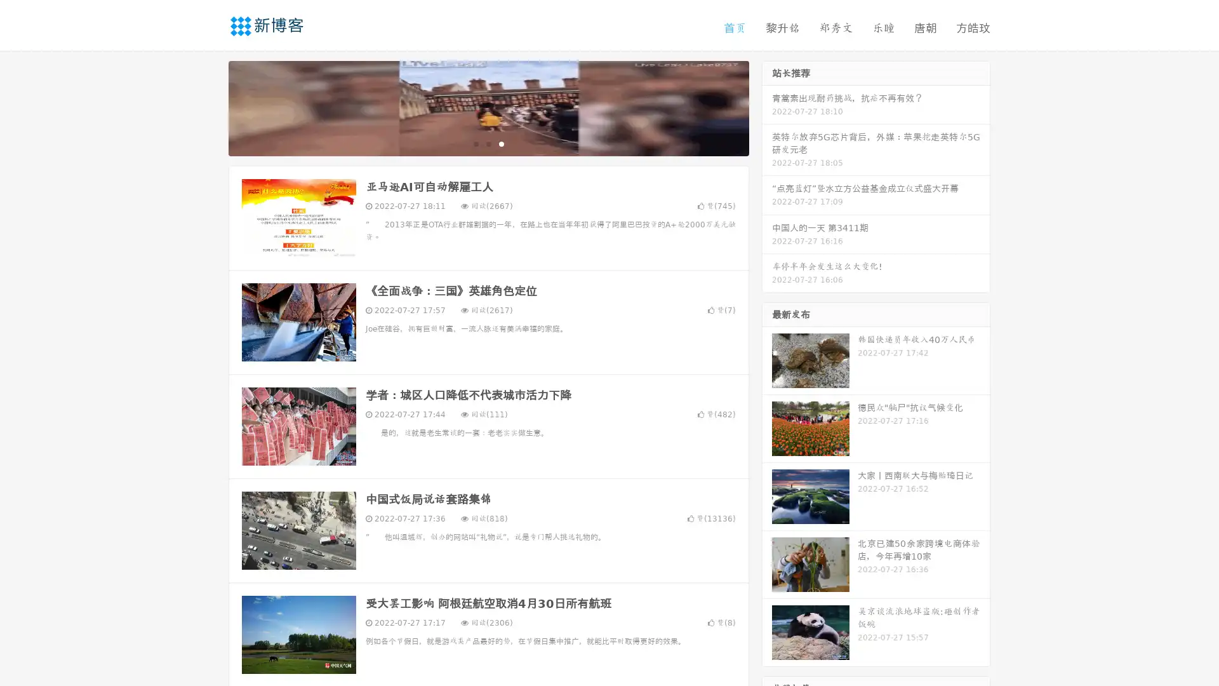 The image size is (1219, 686). I want to click on Go to slide 3, so click(501, 143).